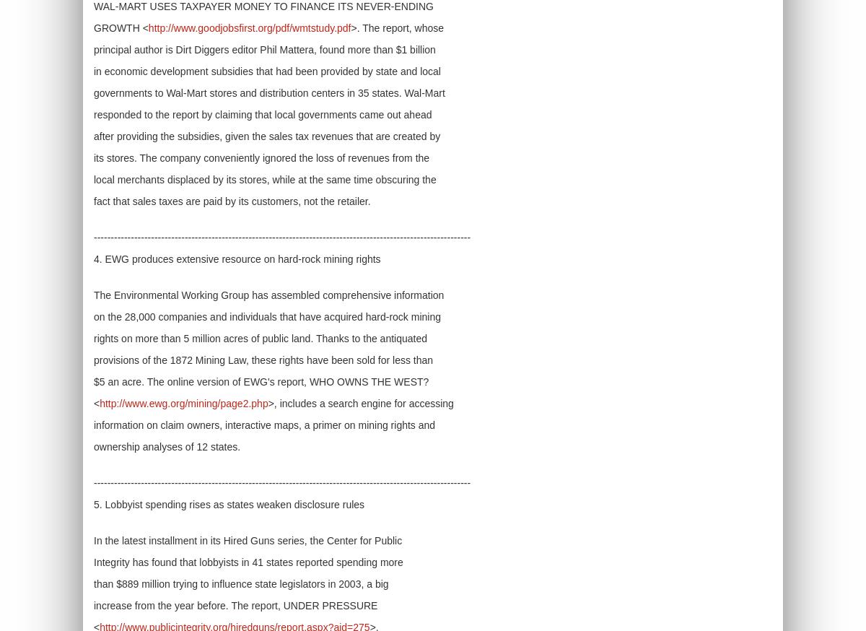  Describe the element at coordinates (263, 6) in the screenshot. I see `'WAL-MART USES TAXPAYER MONEY TO FINANCE ITS NEVER-ENDING'` at that location.